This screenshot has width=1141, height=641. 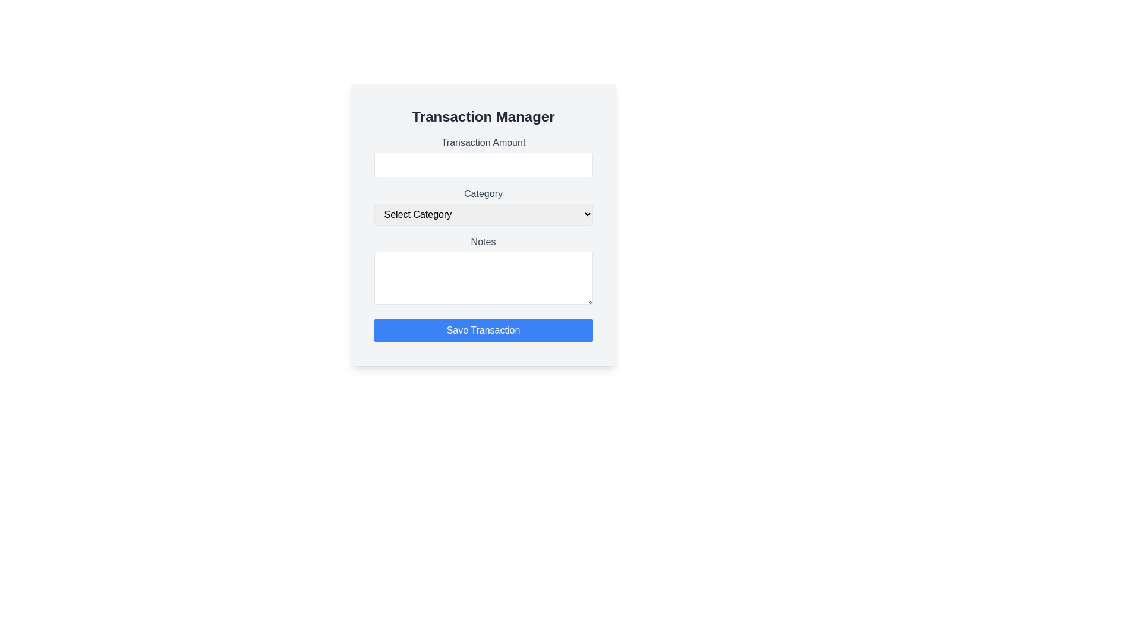 What do you see at coordinates (483, 214) in the screenshot?
I see `the 'Select Category' dropdown menu` at bounding box center [483, 214].